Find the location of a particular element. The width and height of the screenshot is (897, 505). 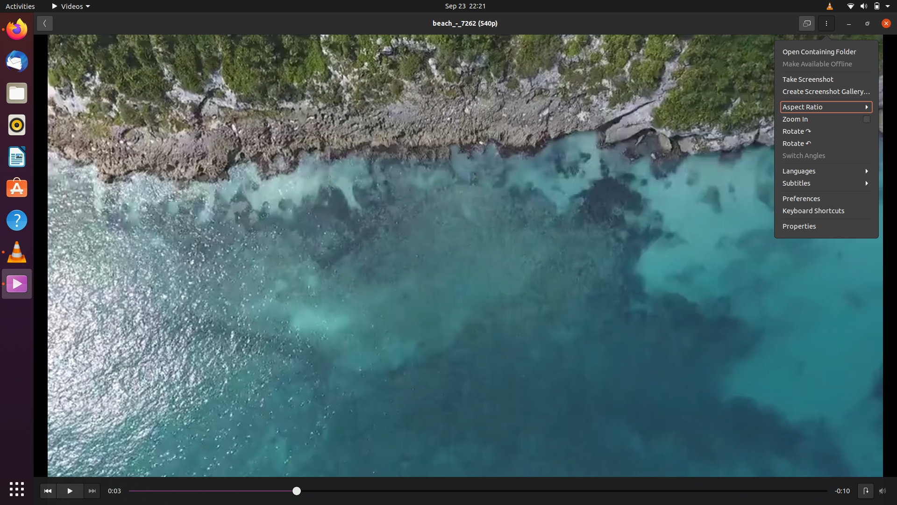

the preferences option is located at coordinates (827, 198).